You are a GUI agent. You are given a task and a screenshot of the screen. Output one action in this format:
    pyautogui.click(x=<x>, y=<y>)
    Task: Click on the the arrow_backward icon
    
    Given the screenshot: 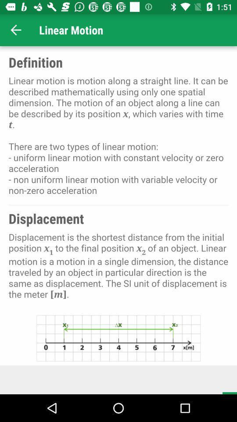 What is the action you would take?
    pyautogui.click(x=16, y=30)
    